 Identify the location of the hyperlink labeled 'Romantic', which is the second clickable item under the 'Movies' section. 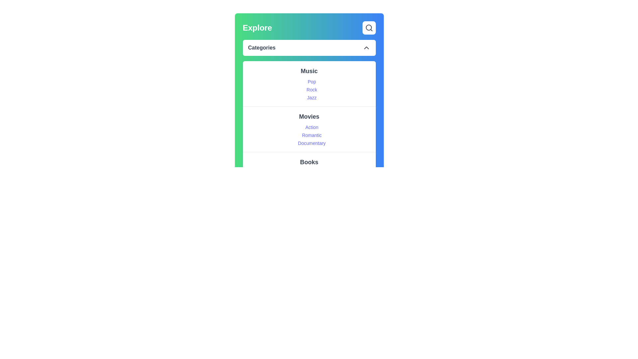
(311, 135).